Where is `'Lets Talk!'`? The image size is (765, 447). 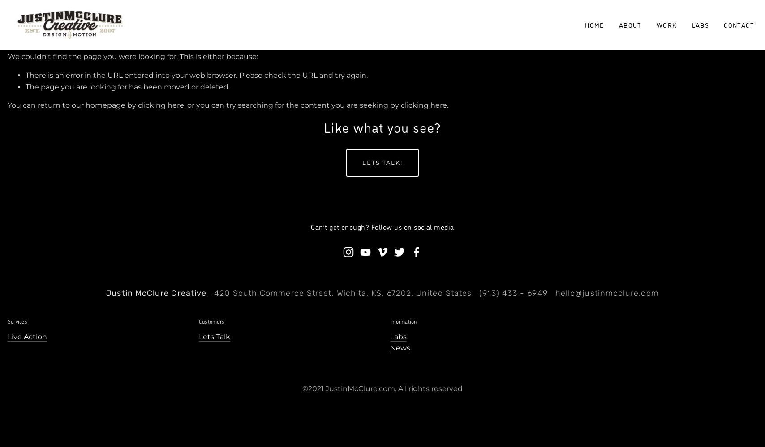 'Lets Talk!' is located at coordinates (382, 162).